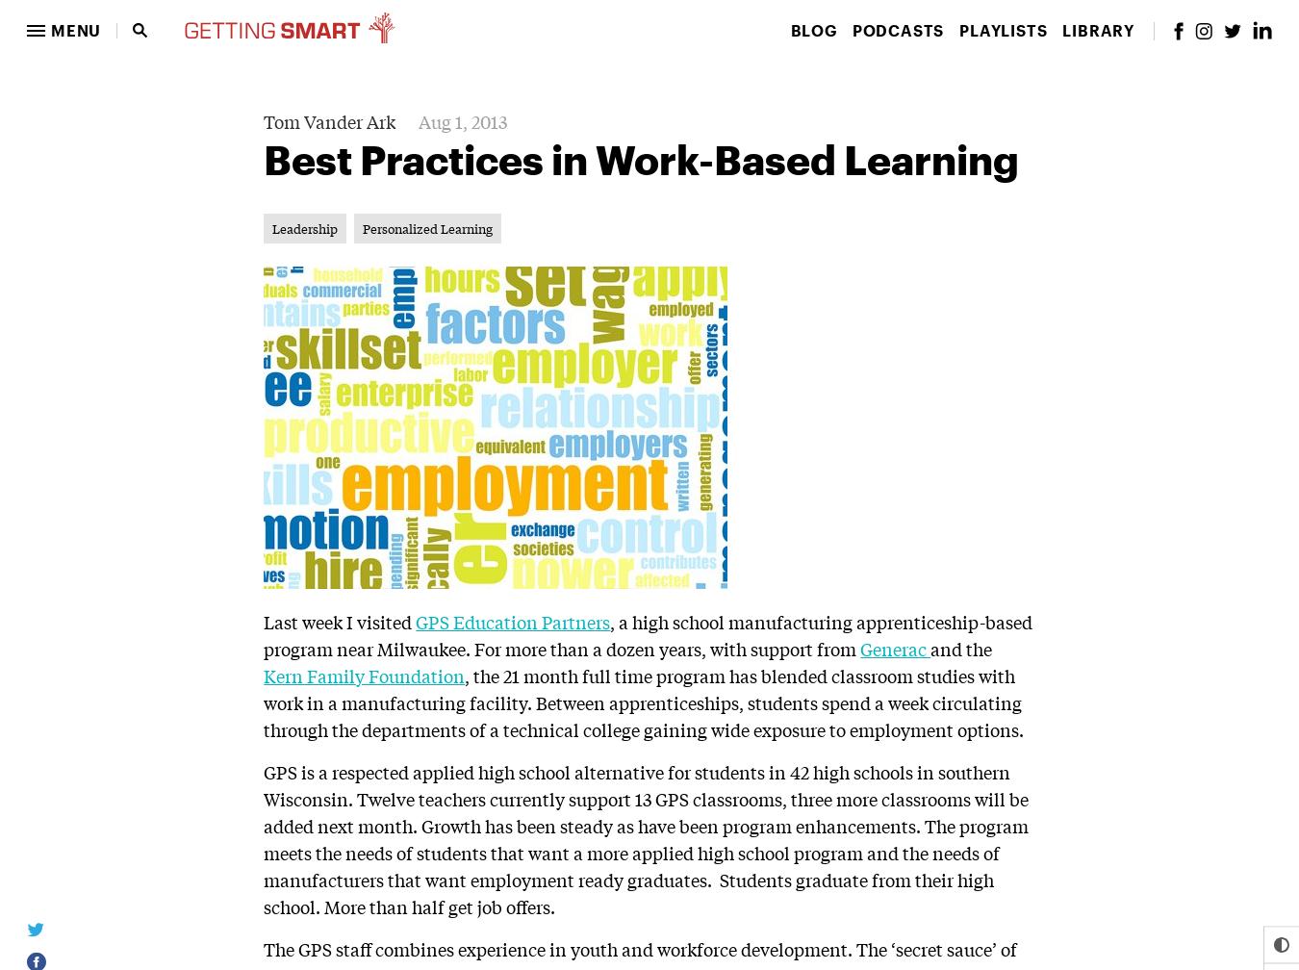 The height and width of the screenshot is (970, 1299). Describe the element at coordinates (896, 30) in the screenshot. I see `'Podcasts'` at that location.